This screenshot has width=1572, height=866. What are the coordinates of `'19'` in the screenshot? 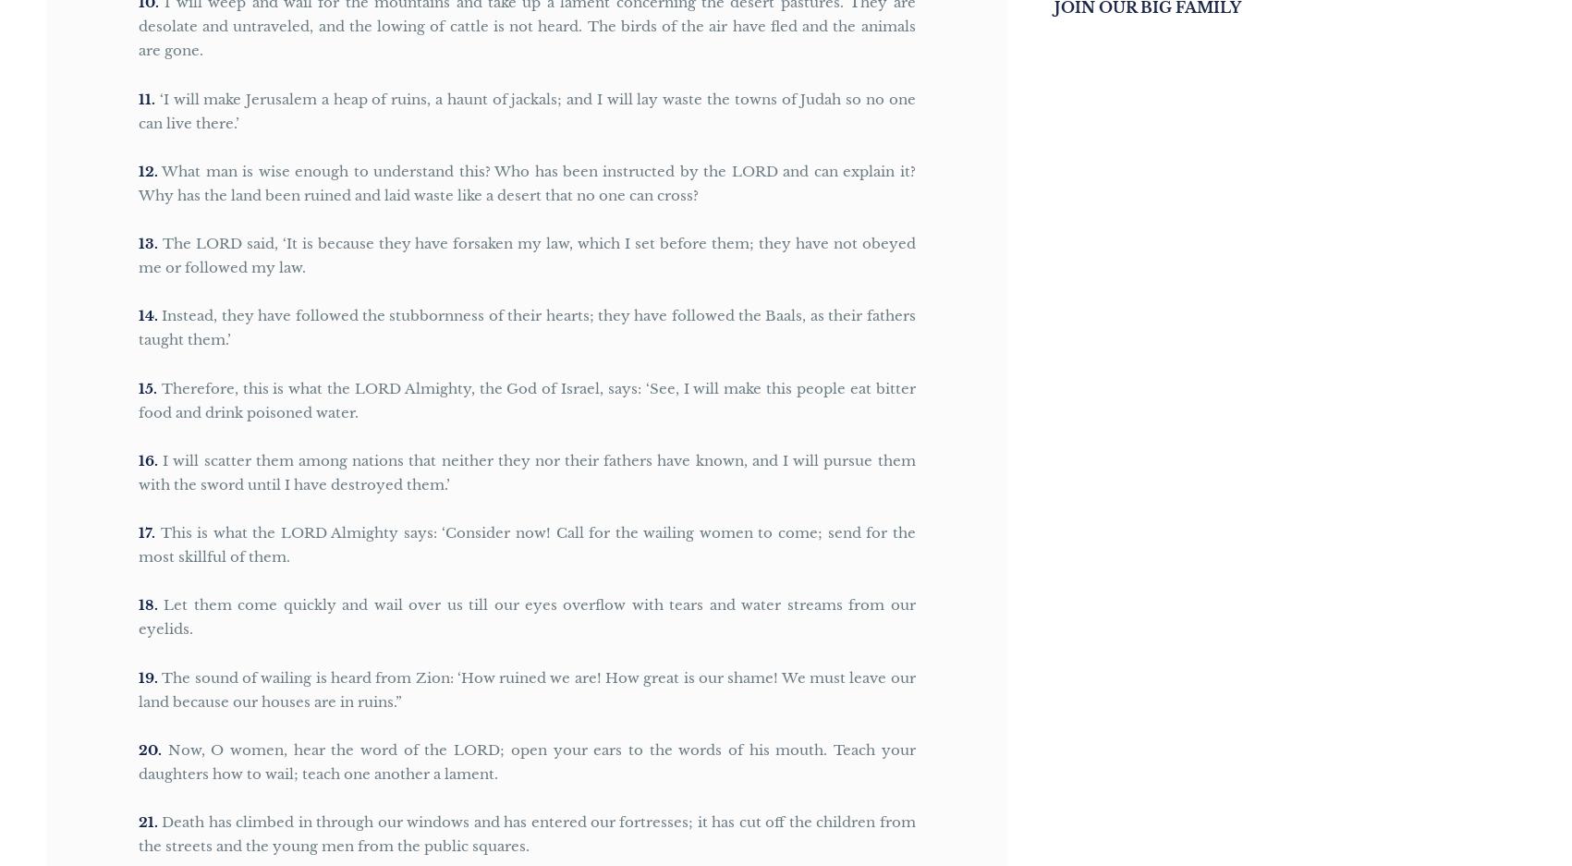 It's located at (145, 676).